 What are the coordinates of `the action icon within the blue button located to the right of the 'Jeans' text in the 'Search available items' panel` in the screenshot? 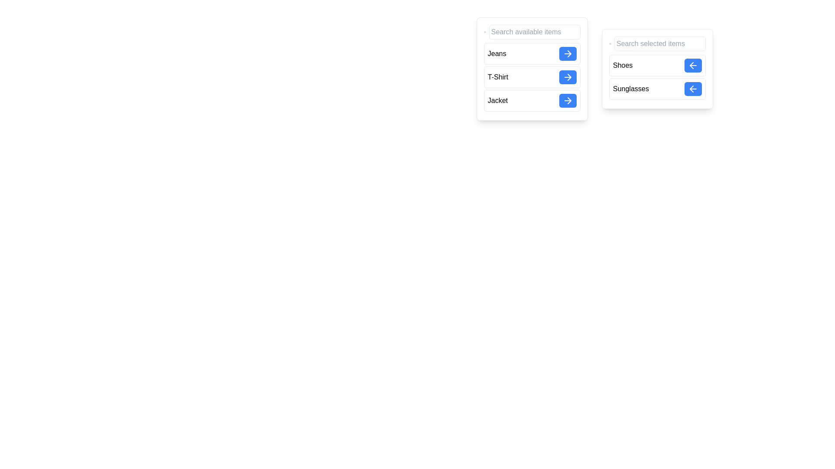 It's located at (568, 53).